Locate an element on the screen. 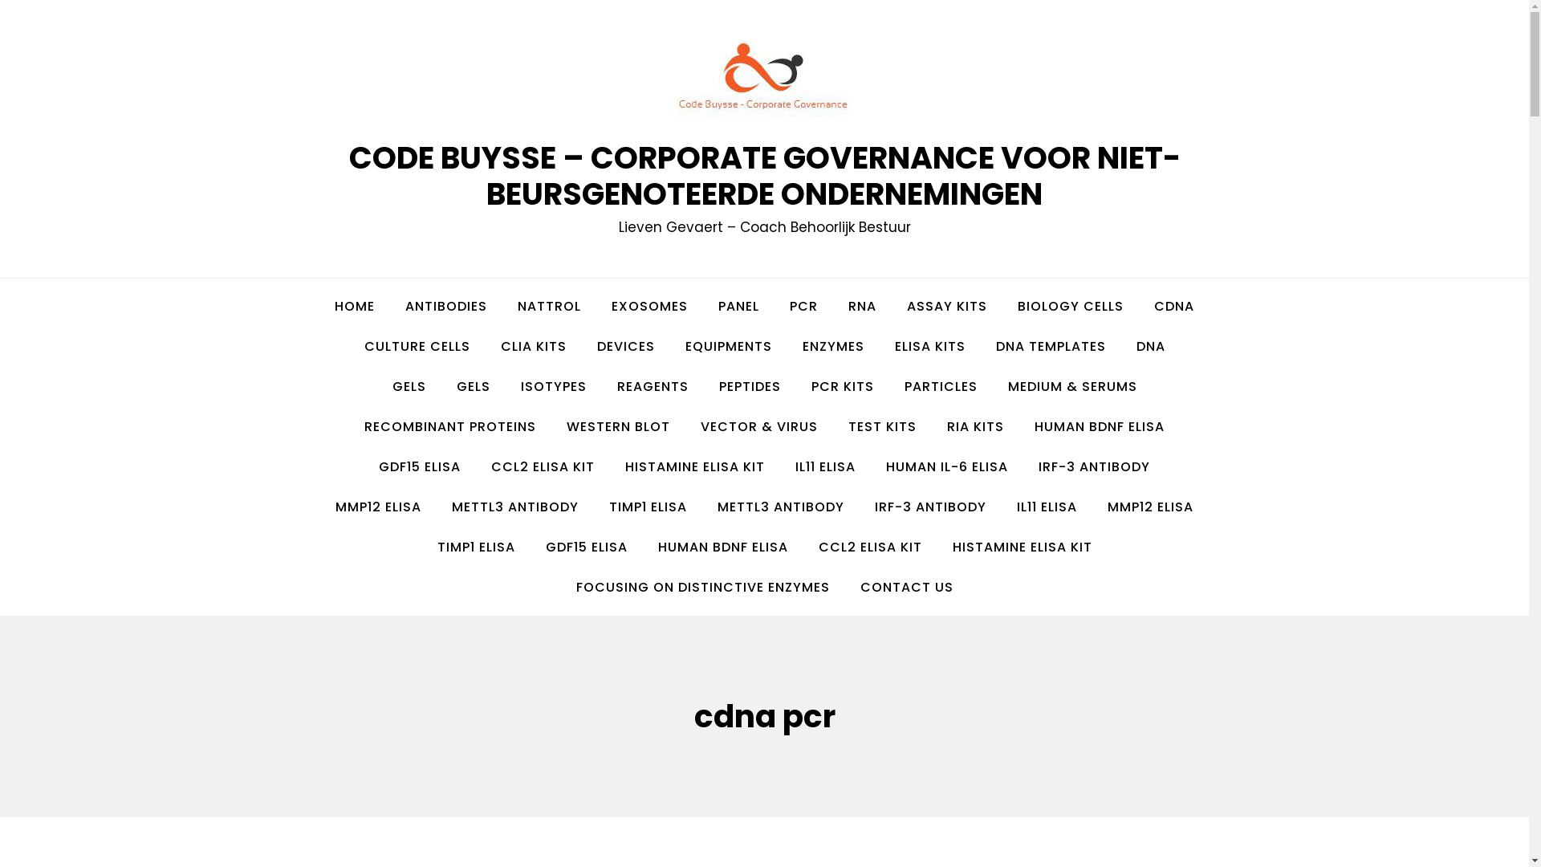 This screenshot has width=1541, height=867. 'DEVICES' is located at coordinates (581, 346).